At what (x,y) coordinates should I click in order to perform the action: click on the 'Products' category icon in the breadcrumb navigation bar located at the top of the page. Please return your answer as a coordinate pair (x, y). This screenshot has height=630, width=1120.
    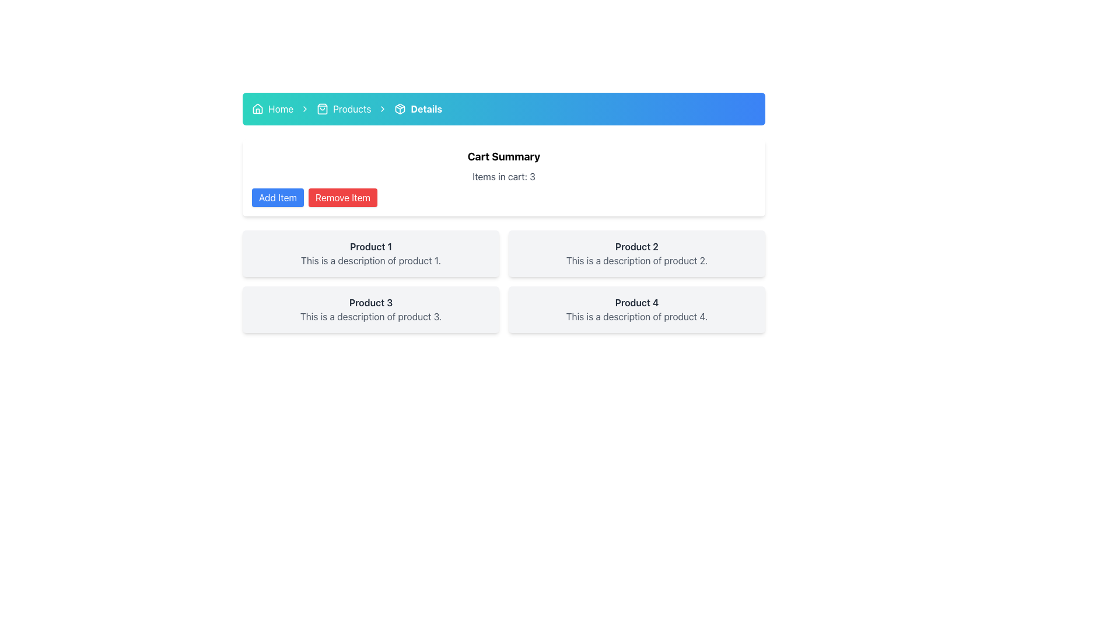
    Looking at the image, I should click on (323, 108).